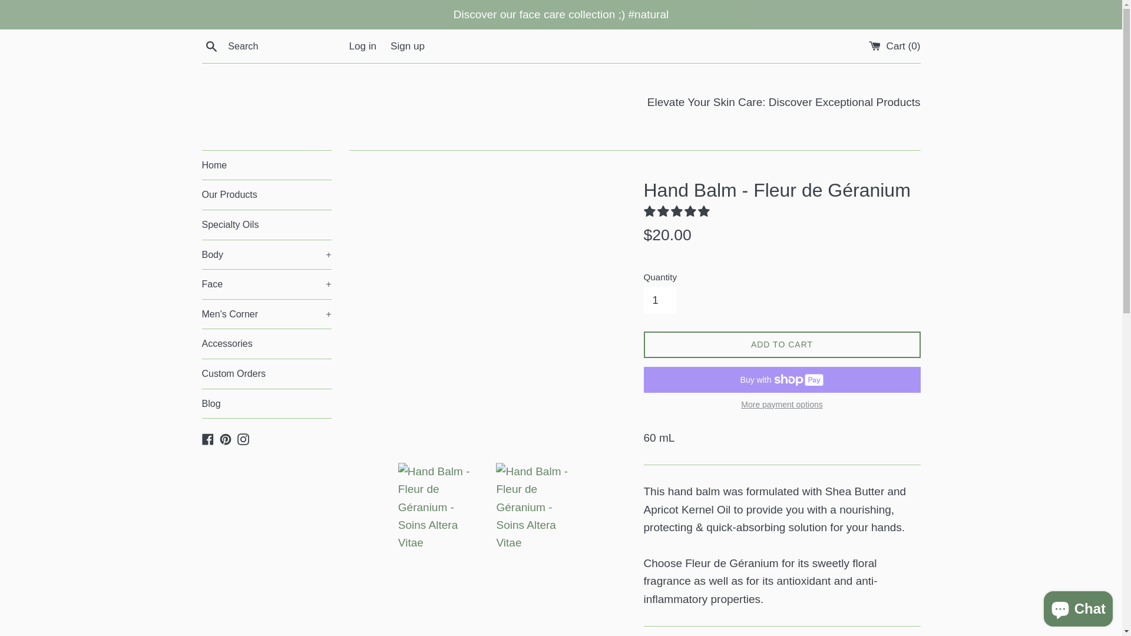 This screenshot has width=1131, height=636. Describe the element at coordinates (265, 194) in the screenshot. I see `'Our Products'` at that location.